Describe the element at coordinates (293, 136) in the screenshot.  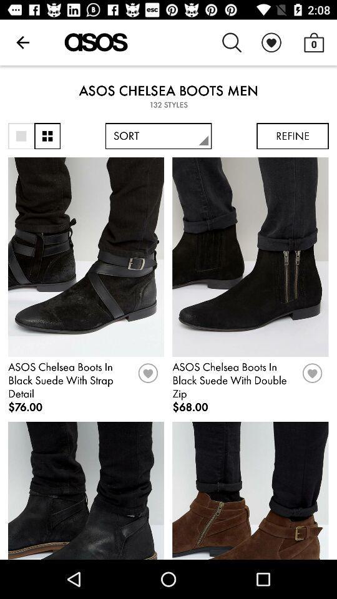
I see `the icon below the 132 styles` at that location.